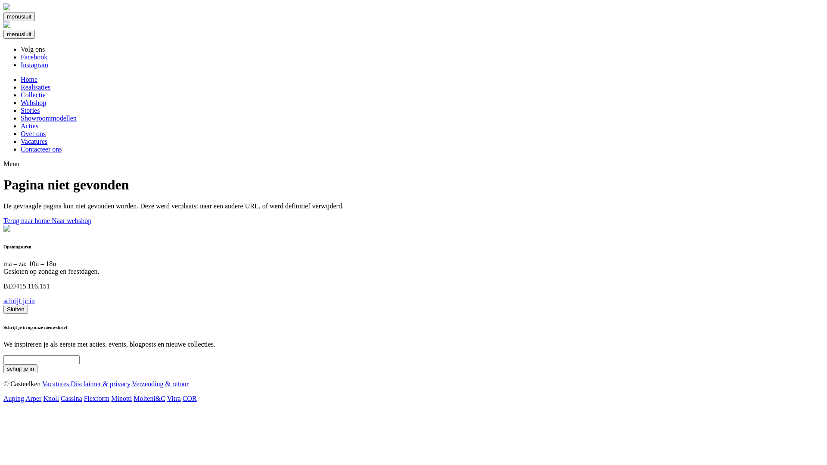 This screenshot has width=827, height=465. Describe the element at coordinates (132, 383) in the screenshot. I see `'Verzending & retour'` at that location.